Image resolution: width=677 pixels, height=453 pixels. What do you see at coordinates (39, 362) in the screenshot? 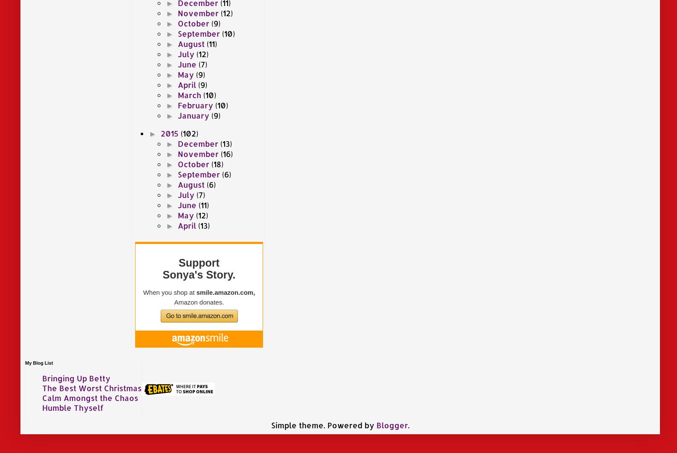
I see `'My Blog List'` at bounding box center [39, 362].